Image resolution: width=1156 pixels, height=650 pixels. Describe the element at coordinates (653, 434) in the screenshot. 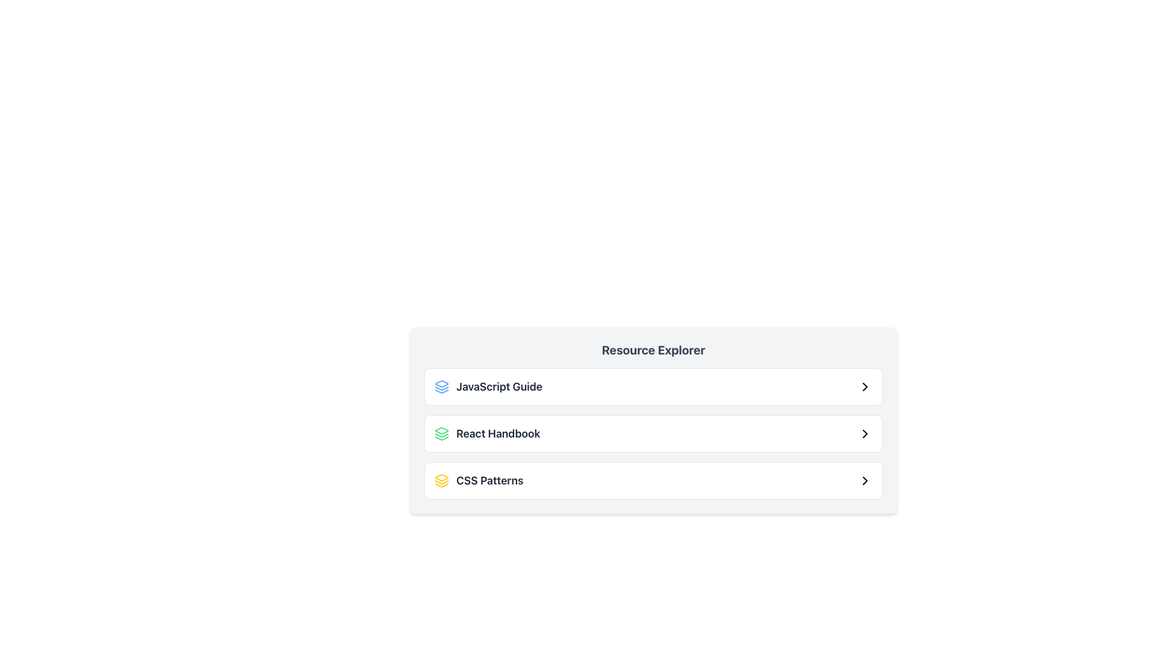

I see `the second item in the list of resources titled 'React Handbook'` at that location.